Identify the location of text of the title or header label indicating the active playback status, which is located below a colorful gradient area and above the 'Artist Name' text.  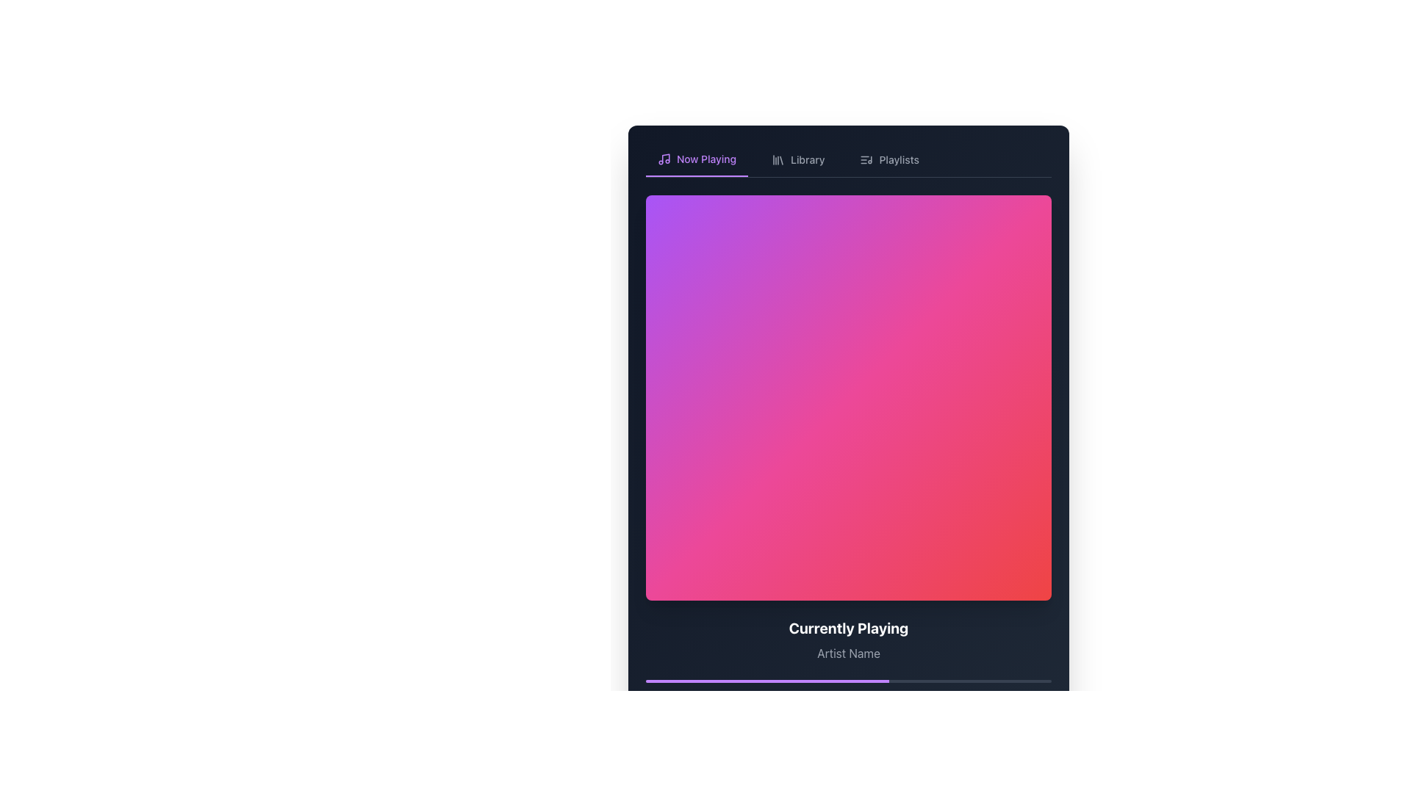
(849, 628).